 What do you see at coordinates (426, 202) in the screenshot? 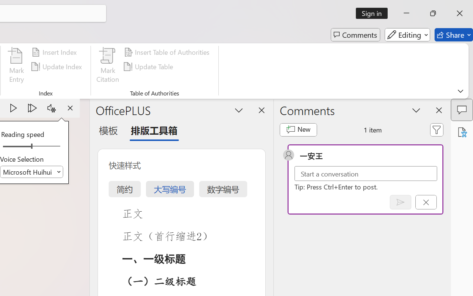
I see `'Cancel'` at bounding box center [426, 202].